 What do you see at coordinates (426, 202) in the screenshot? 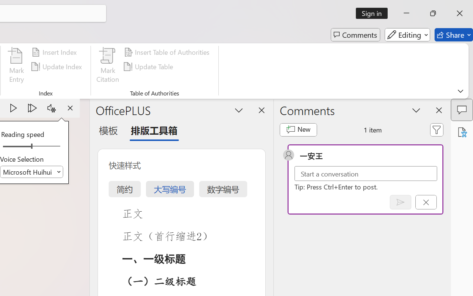
I see `'Cancel'` at bounding box center [426, 202].